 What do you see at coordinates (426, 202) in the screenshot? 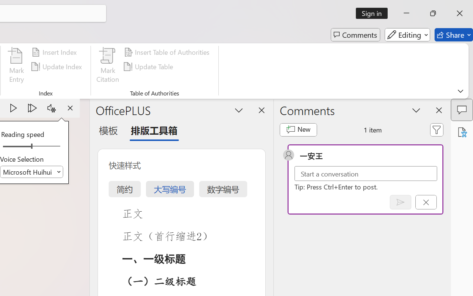
I see `'Cancel'` at bounding box center [426, 202].